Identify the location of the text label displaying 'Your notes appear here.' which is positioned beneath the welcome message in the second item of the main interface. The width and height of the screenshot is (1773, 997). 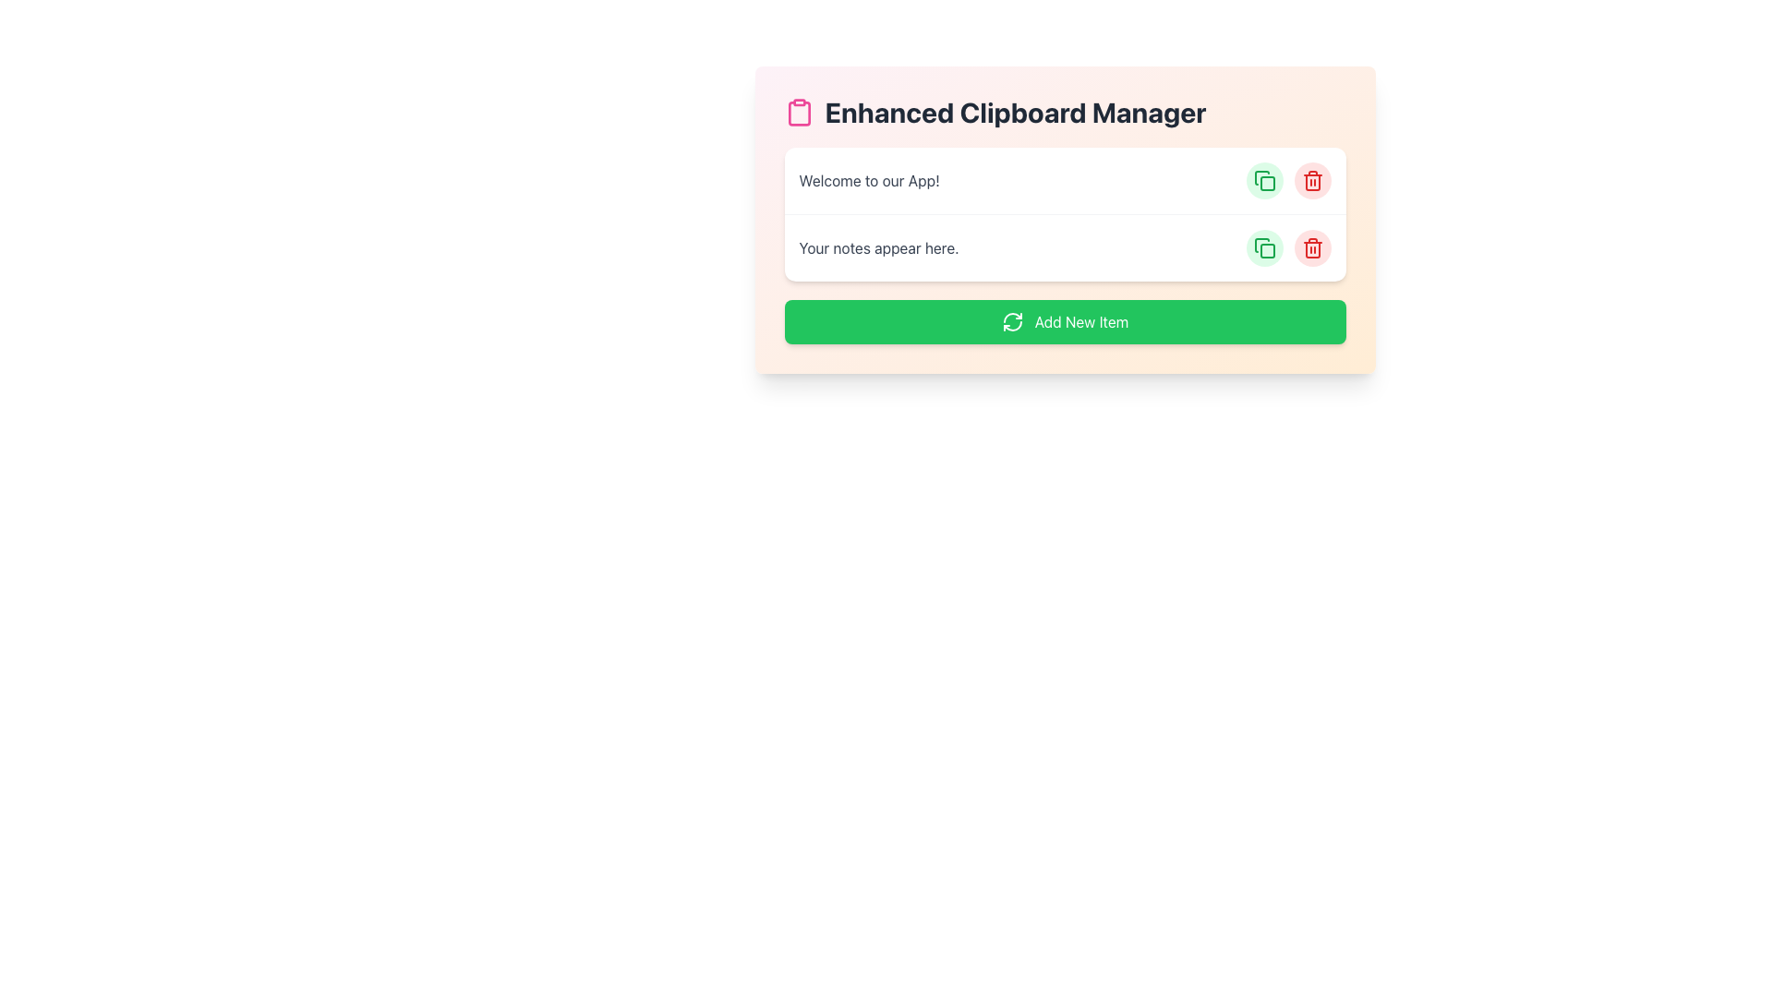
(878, 247).